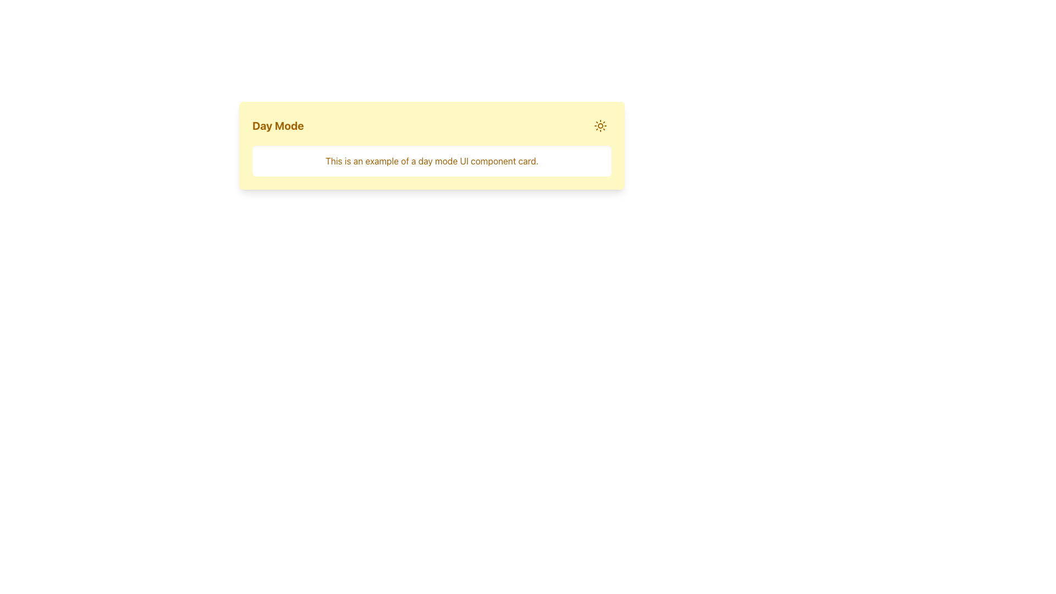 The width and height of the screenshot is (1056, 594). Describe the element at coordinates (599, 125) in the screenshot. I see `the circular button with a sun icon in the center, located in the top-right corner of the 'Day Mode' card` at that location.